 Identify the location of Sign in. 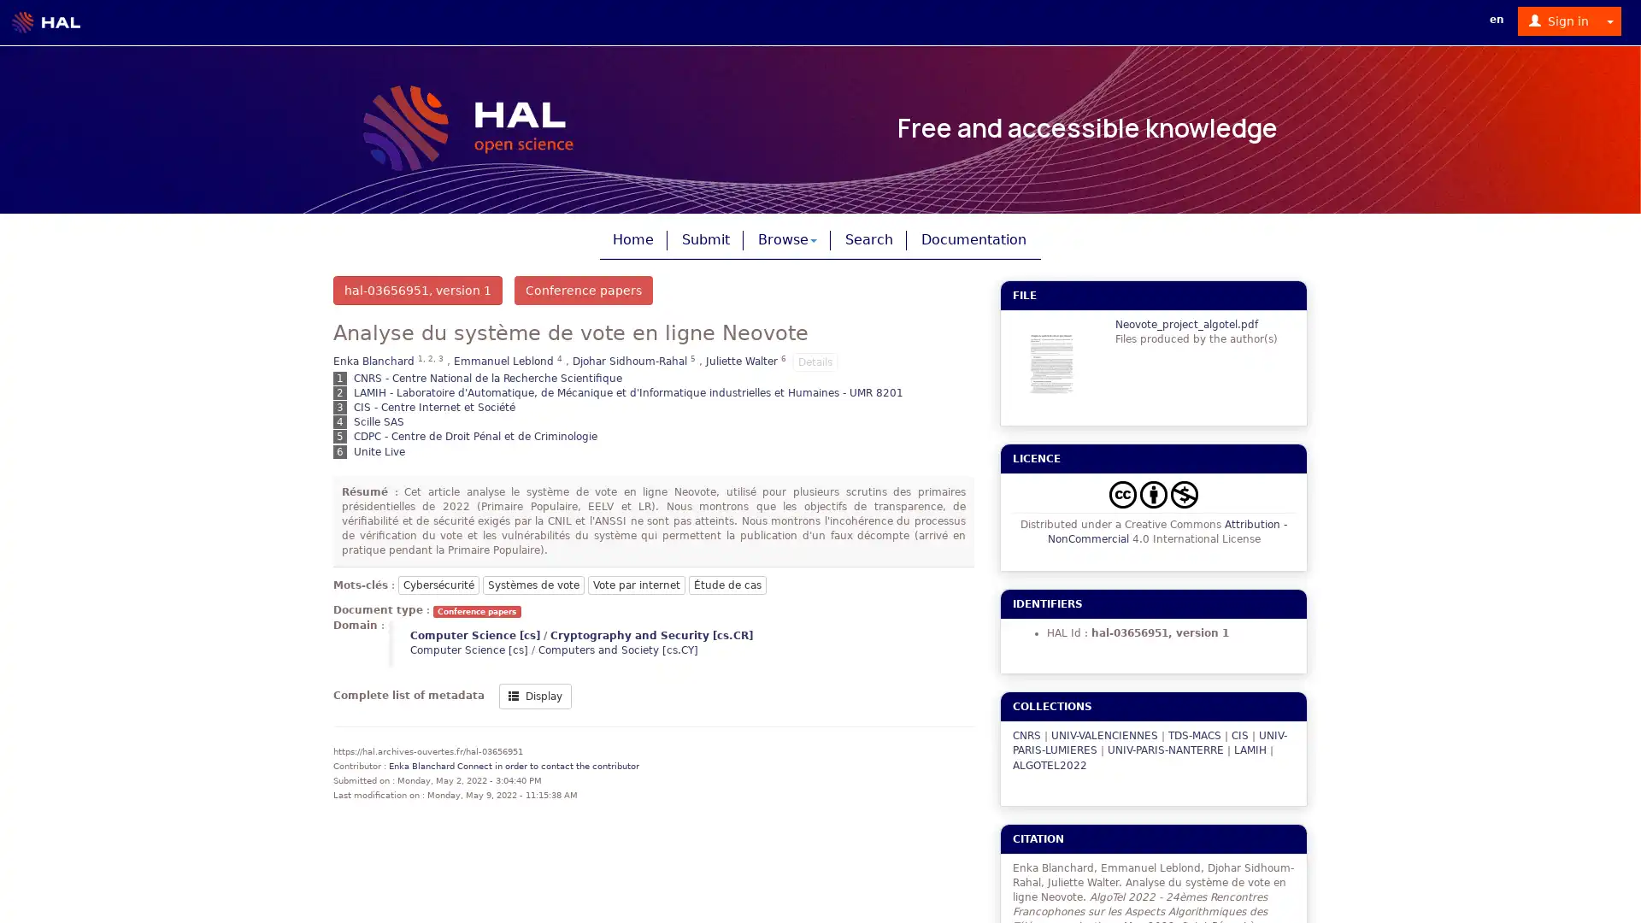
(1559, 21).